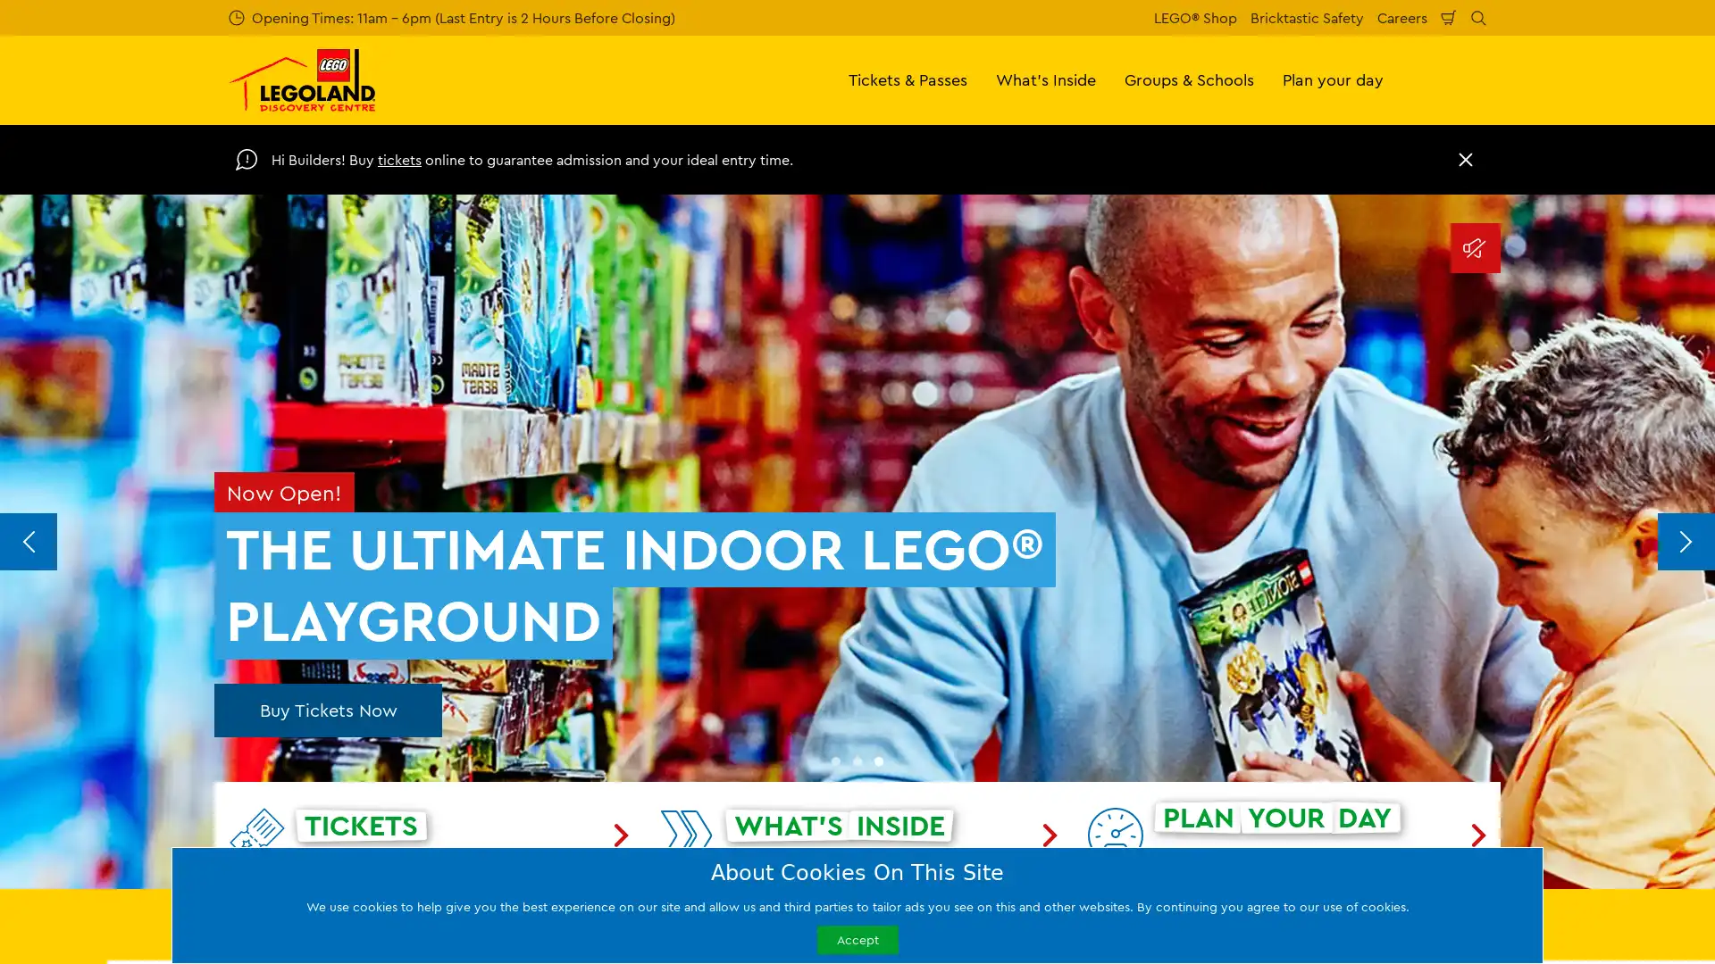  What do you see at coordinates (857, 760) in the screenshot?
I see `Go to slide 2` at bounding box center [857, 760].